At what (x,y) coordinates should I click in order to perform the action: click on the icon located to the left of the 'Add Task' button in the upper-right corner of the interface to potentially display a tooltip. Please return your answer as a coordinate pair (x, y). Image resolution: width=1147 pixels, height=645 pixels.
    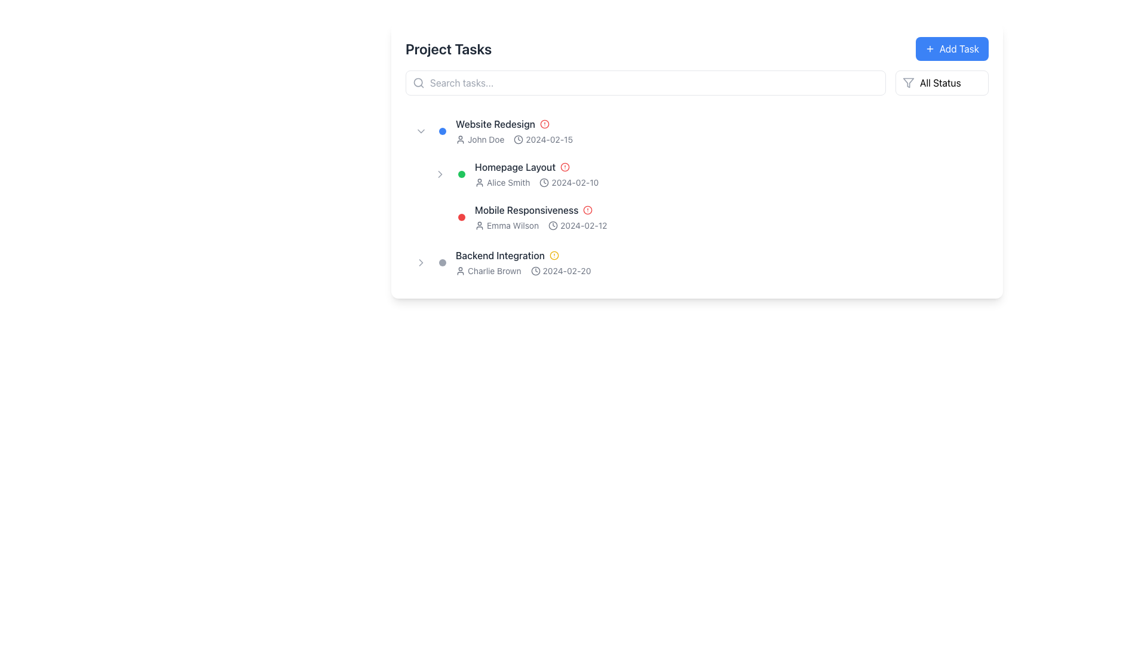
    Looking at the image, I should click on (929, 48).